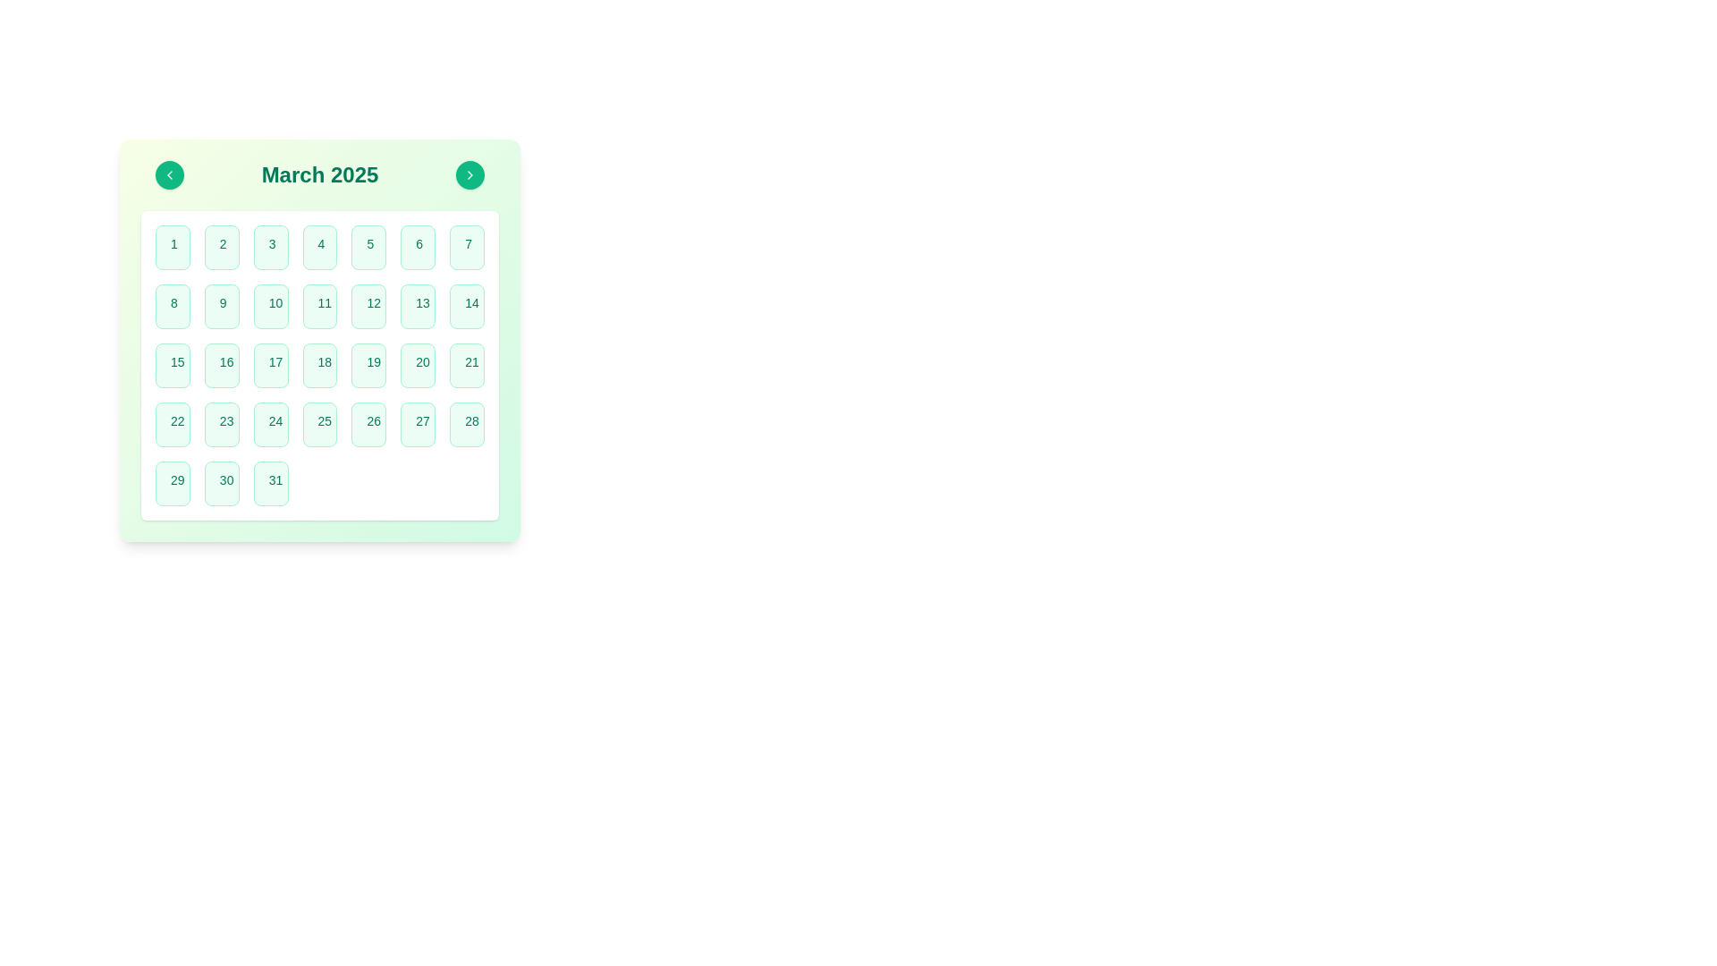 The image size is (1717, 966). I want to click on the text component displaying the number '28' in bold green font within the calendar UI, so click(472, 420).